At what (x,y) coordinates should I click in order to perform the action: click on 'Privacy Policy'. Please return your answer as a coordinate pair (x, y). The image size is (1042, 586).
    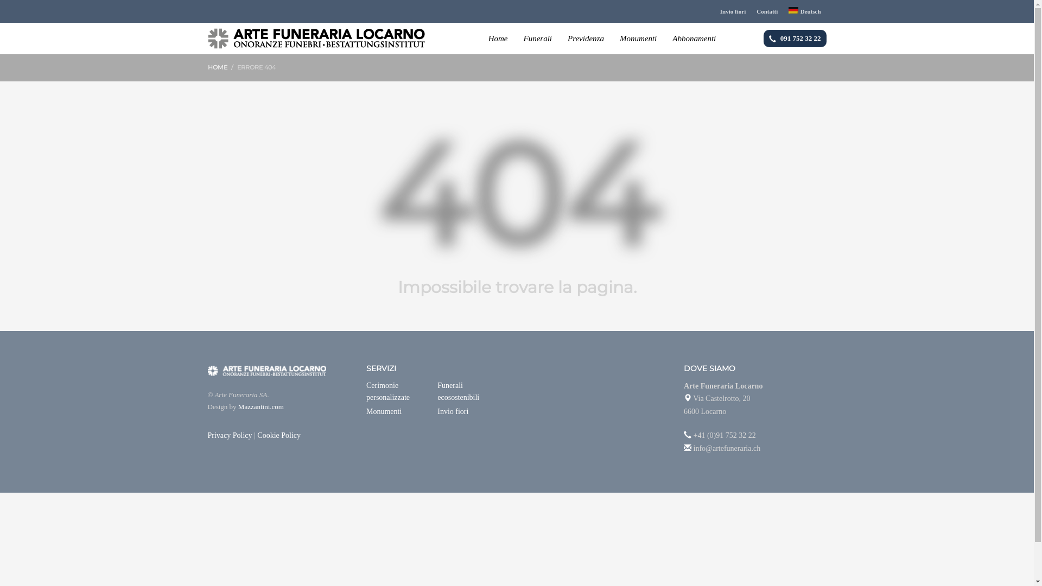
    Looking at the image, I should click on (228, 435).